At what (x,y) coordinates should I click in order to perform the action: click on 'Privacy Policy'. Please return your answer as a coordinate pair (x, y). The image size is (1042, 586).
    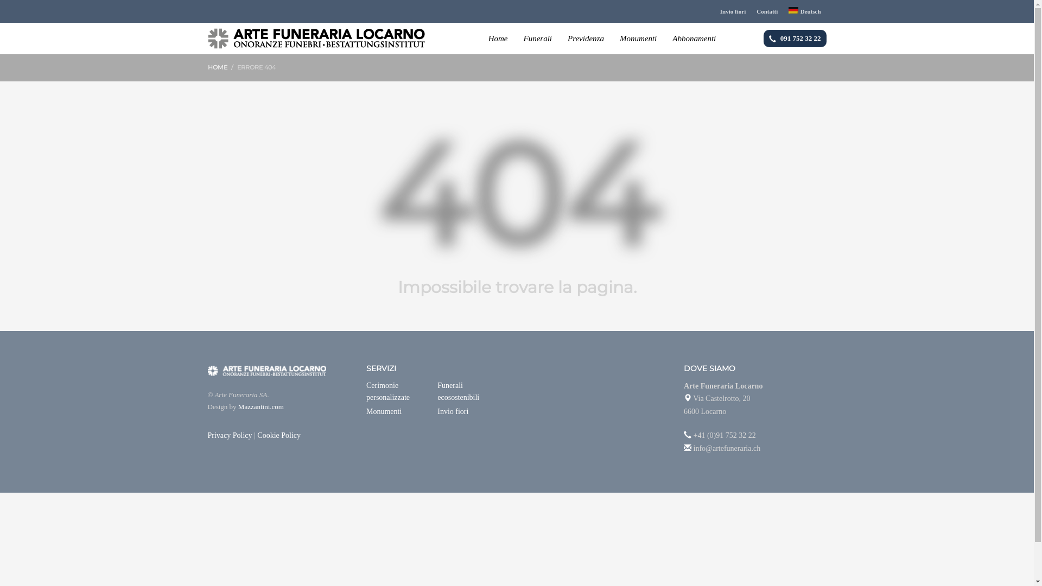
    Looking at the image, I should click on (228, 435).